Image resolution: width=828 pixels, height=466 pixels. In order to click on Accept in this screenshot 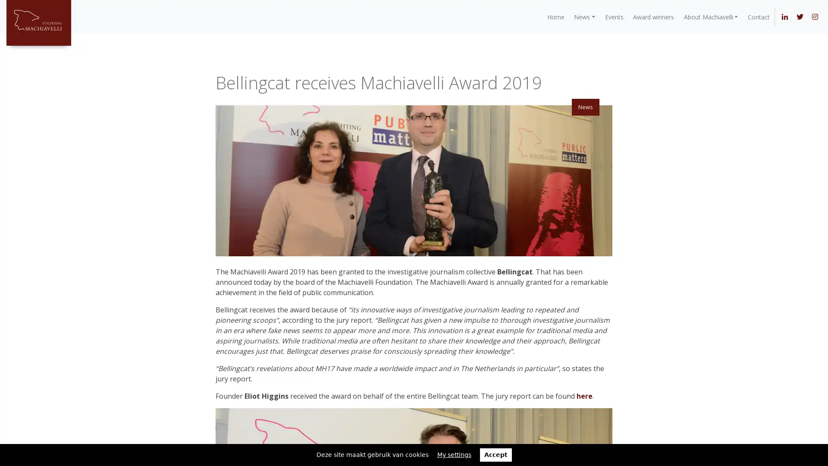, I will do `click(495, 454)`.